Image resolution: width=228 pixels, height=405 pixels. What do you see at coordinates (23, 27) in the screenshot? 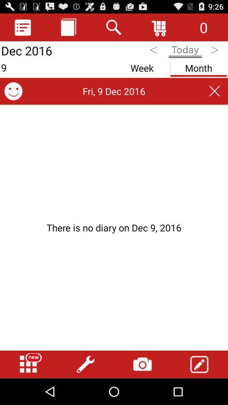
I see `open diary` at bounding box center [23, 27].